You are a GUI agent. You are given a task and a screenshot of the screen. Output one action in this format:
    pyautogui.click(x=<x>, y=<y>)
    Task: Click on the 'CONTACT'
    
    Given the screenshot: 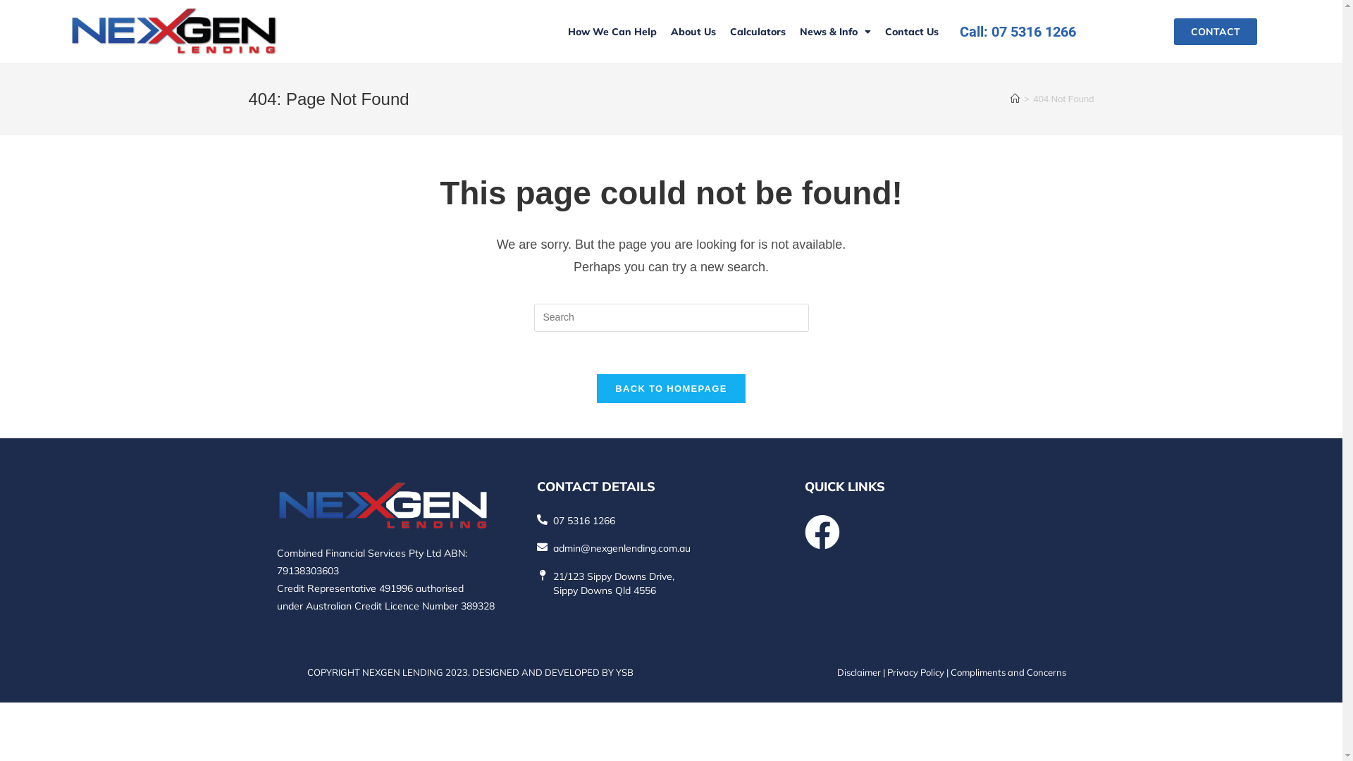 What is the action you would take?
    pyautogui.click(x=1173, y=32)
    